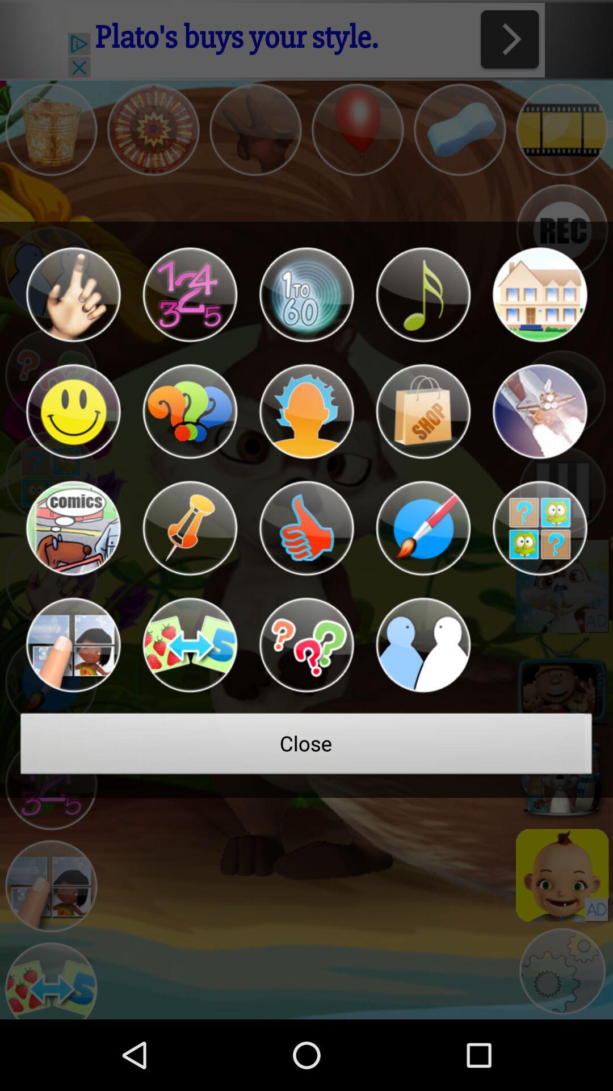 Image resolution: width=613 pixels, height=1091 pixels. Describe the element at coordinates (73, 440) in the screenshot. I see `the emoji icon` at that location.